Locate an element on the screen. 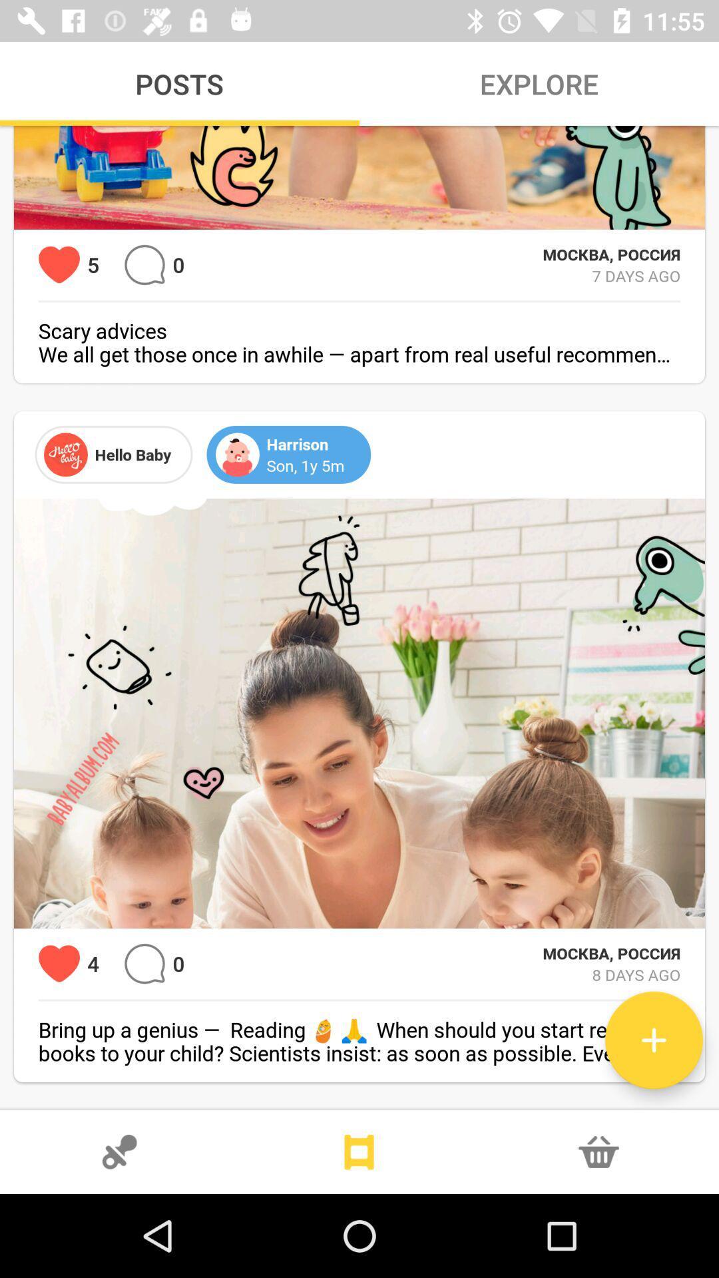 The image size is (719, 1278). story is located at coordinates (359, 1152).